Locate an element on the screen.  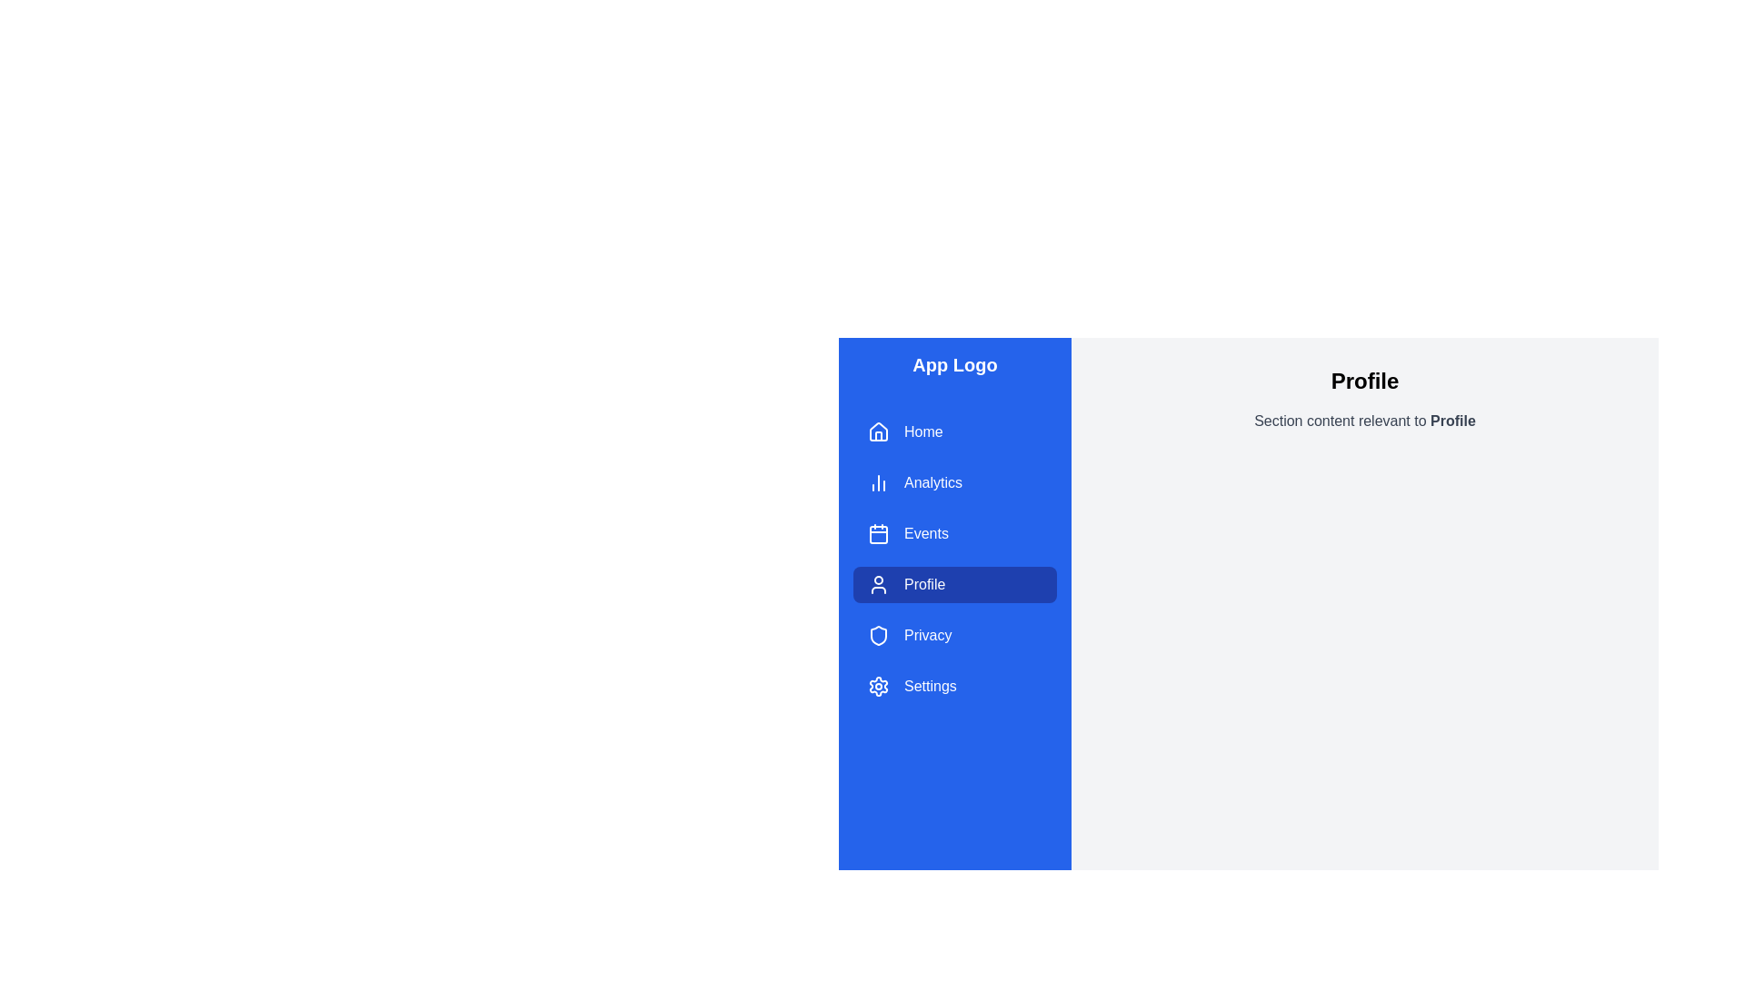
the shield-shaped SVG icon next to the 'Privacy' label in the vertical navigation menu is located at coordinates (878, 634).